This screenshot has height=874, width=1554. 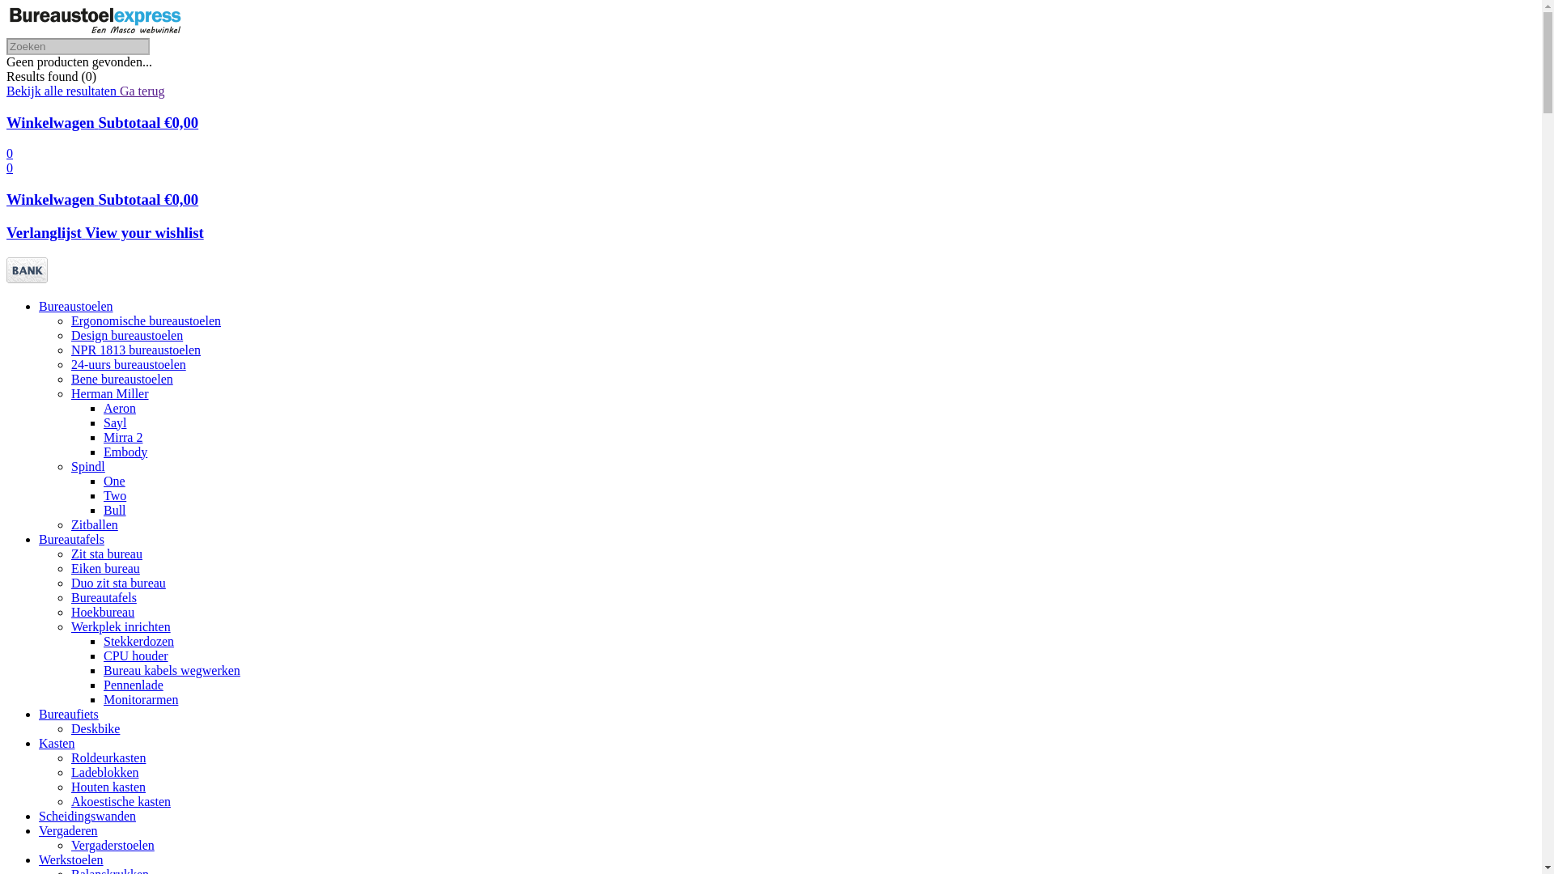 I want to click on 'One', so click(x=113, y=480).